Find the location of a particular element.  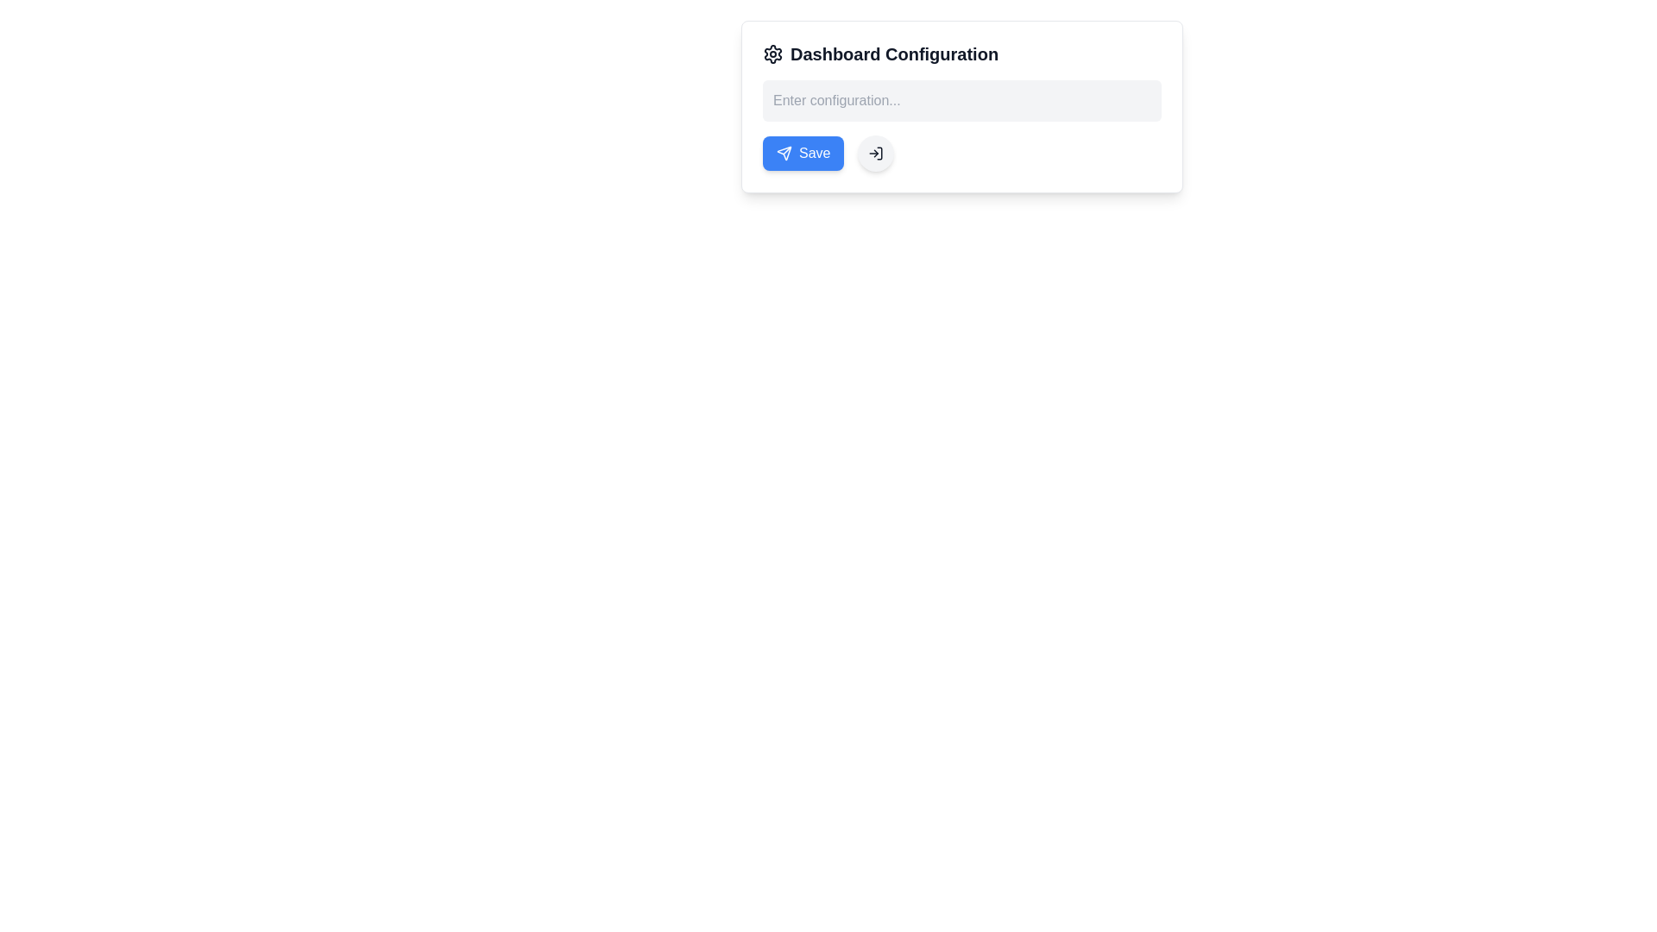

the blue 'Save' button with a paper plane icon is located at coordinates (803, 152).